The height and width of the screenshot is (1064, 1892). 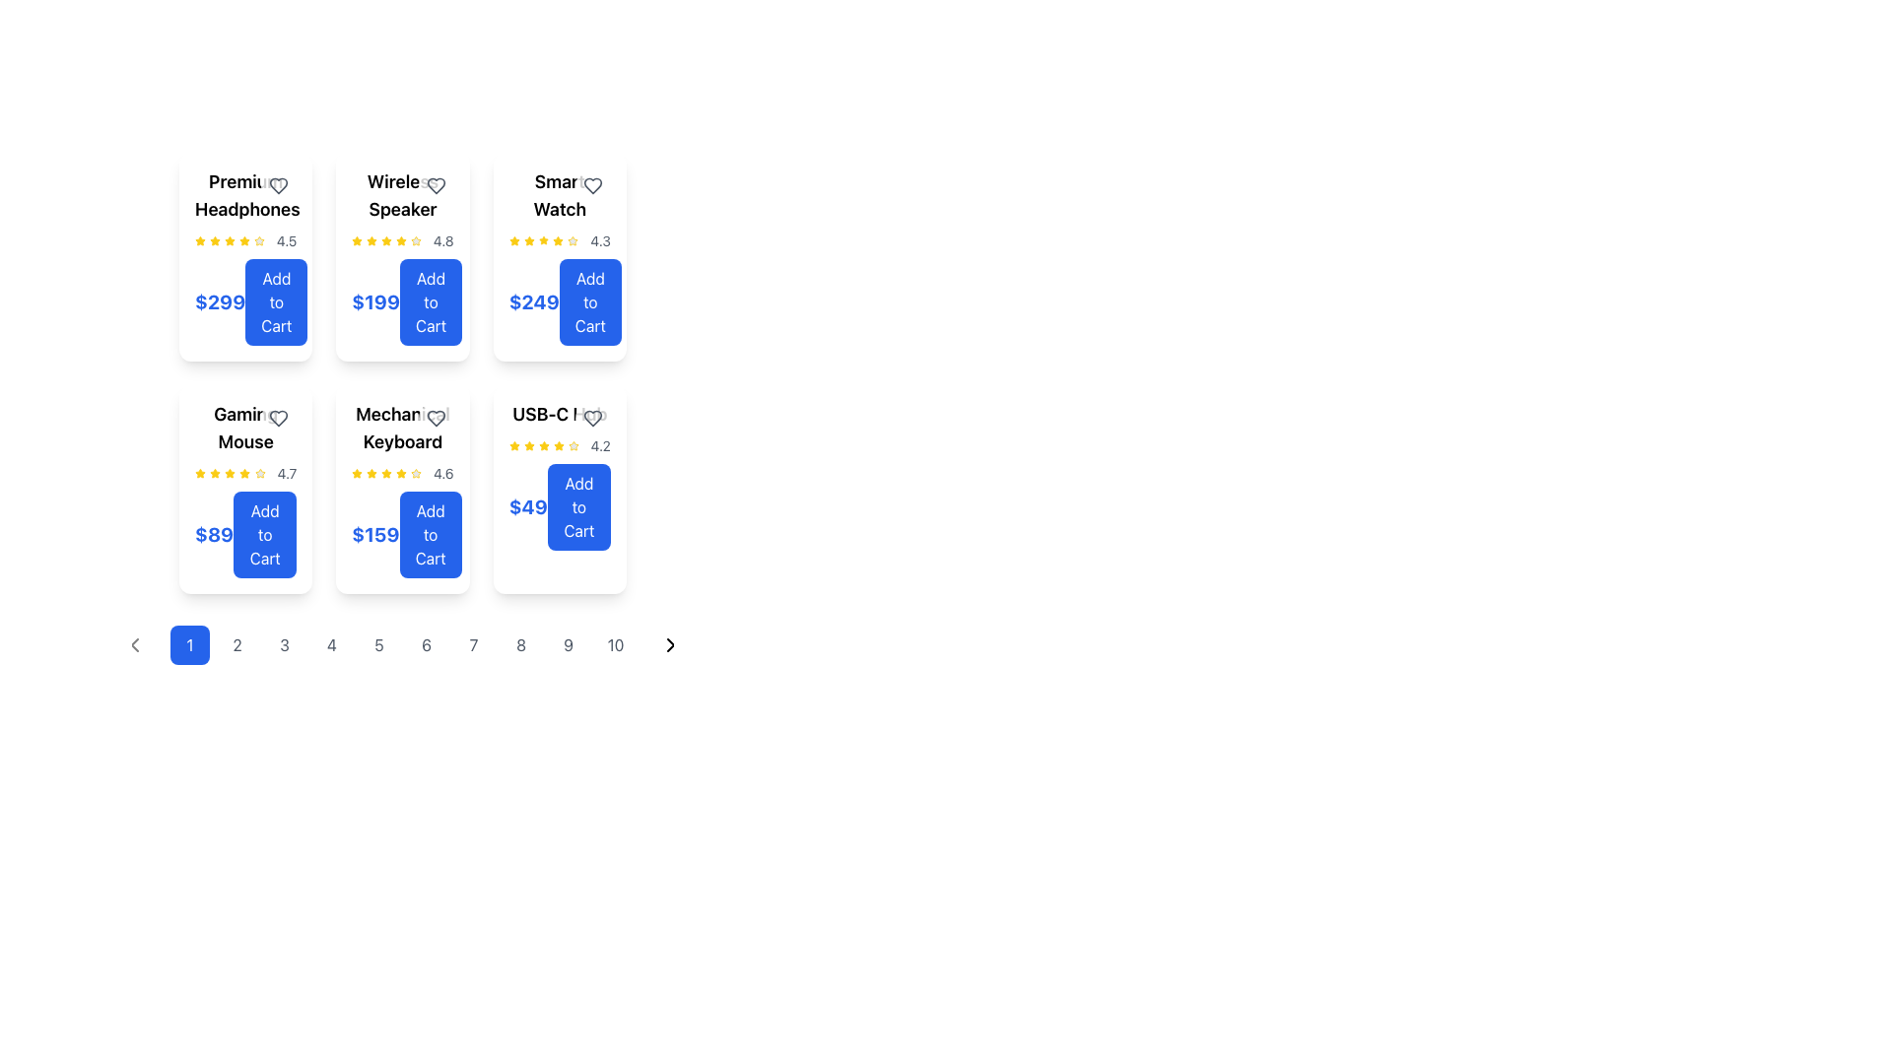 I want to click on the third yellow star-shaped icon in the rating system for the 'Gamir Mouse' product card, so click(x=215, y=474).